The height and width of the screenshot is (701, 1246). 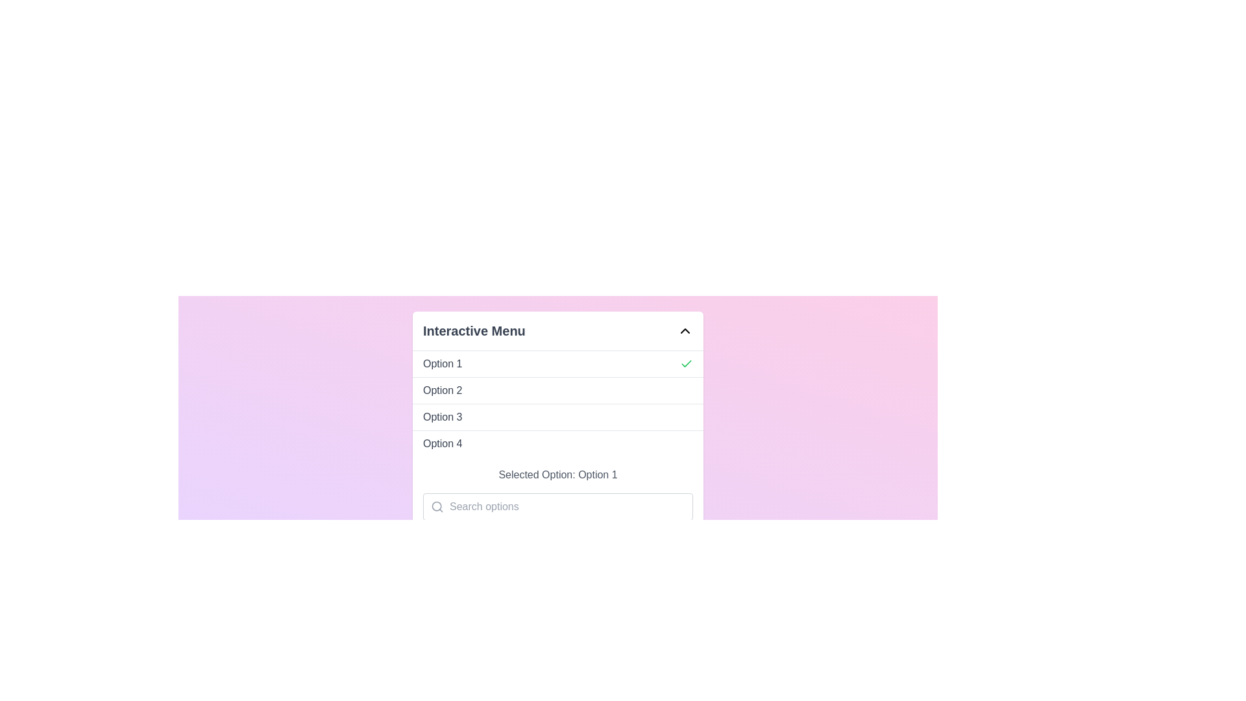 What do you see at coordinates (473, 330) in the screenshot?
I see `the text label that indicates the title of the dropdown menu, which is located in the header section and left-aligned next to a downward-pointing chevron icon` at bounding box center [473, 330].